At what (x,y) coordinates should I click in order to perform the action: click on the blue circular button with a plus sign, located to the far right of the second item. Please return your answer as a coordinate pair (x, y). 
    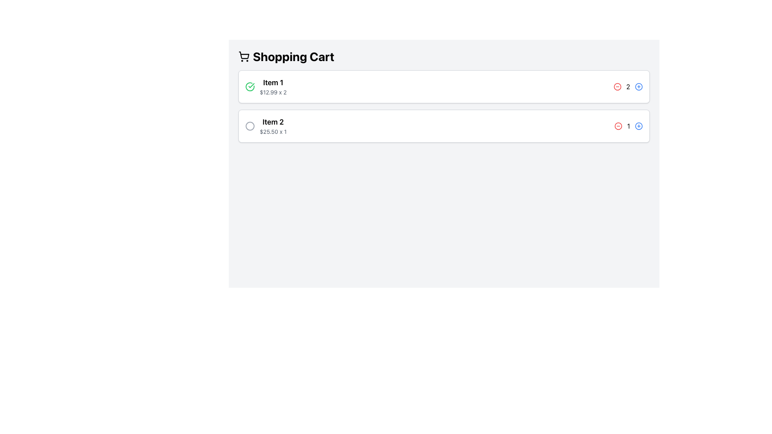
    Looking at the image, I should click on (638, 126).